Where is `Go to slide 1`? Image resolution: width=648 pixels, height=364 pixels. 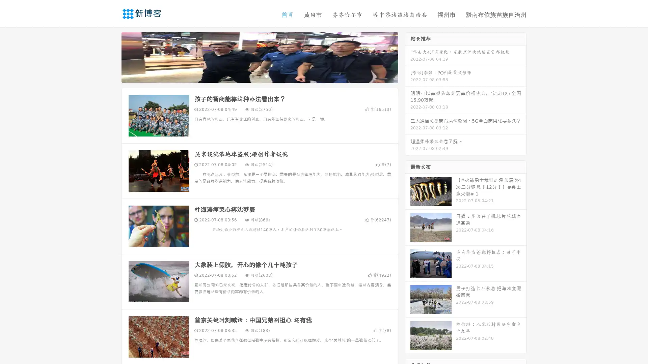 Go to slide 1 is located at coordinates (252, 76).